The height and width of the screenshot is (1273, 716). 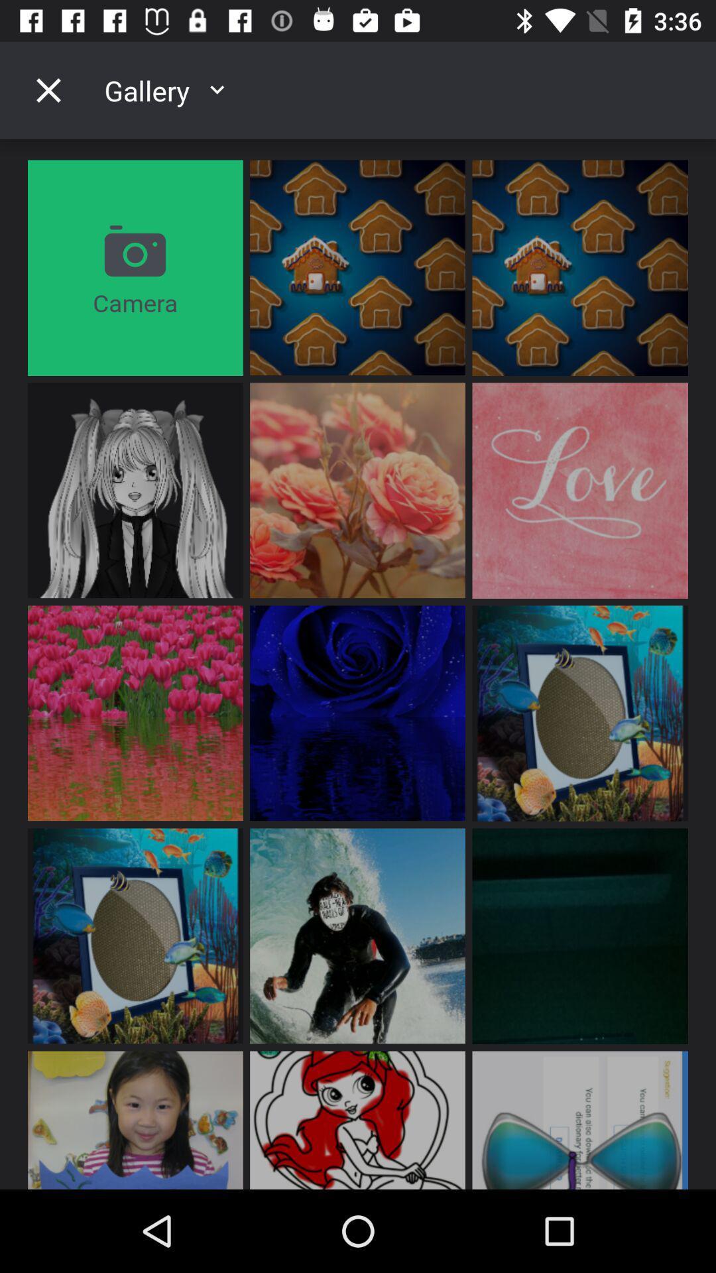 I want to click on the second image, so click(x=579, y=267).